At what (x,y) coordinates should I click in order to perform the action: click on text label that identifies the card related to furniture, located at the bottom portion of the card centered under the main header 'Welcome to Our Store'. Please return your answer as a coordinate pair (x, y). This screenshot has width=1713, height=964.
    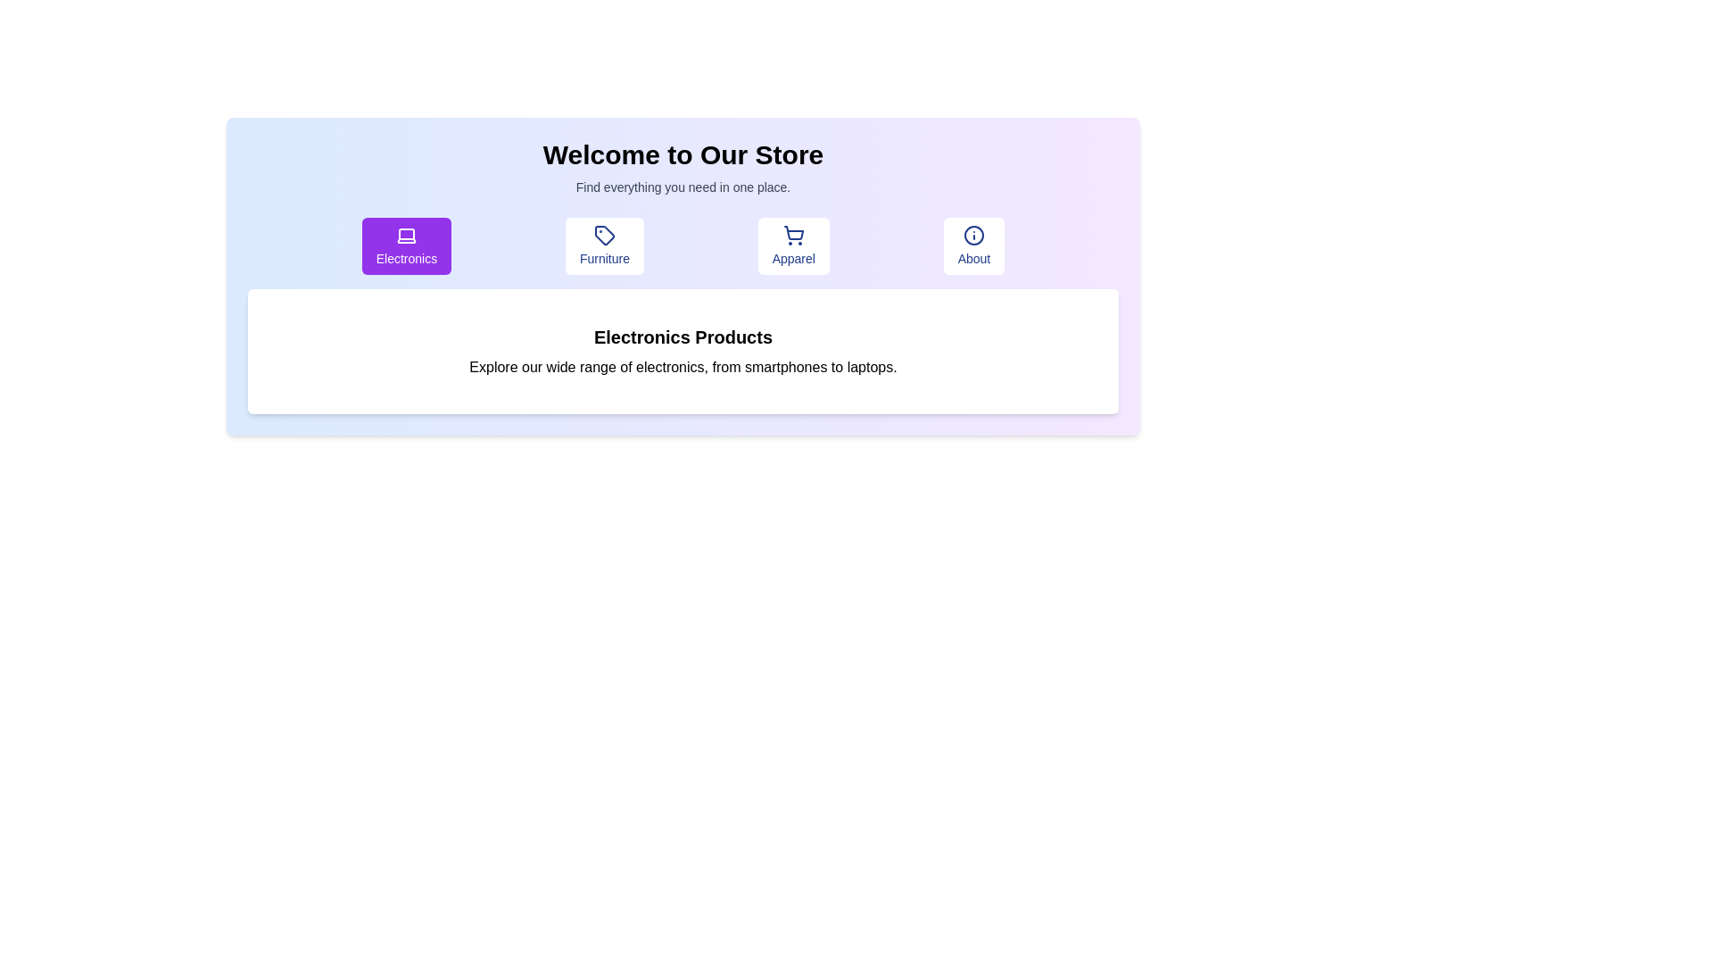
    Looking at the image, I should click on (604, 258).